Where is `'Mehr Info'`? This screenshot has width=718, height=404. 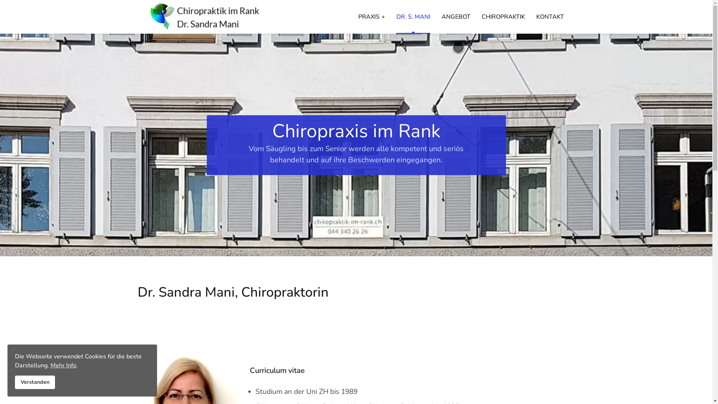
'Mehr Info' is located at coordinates (63, 365).